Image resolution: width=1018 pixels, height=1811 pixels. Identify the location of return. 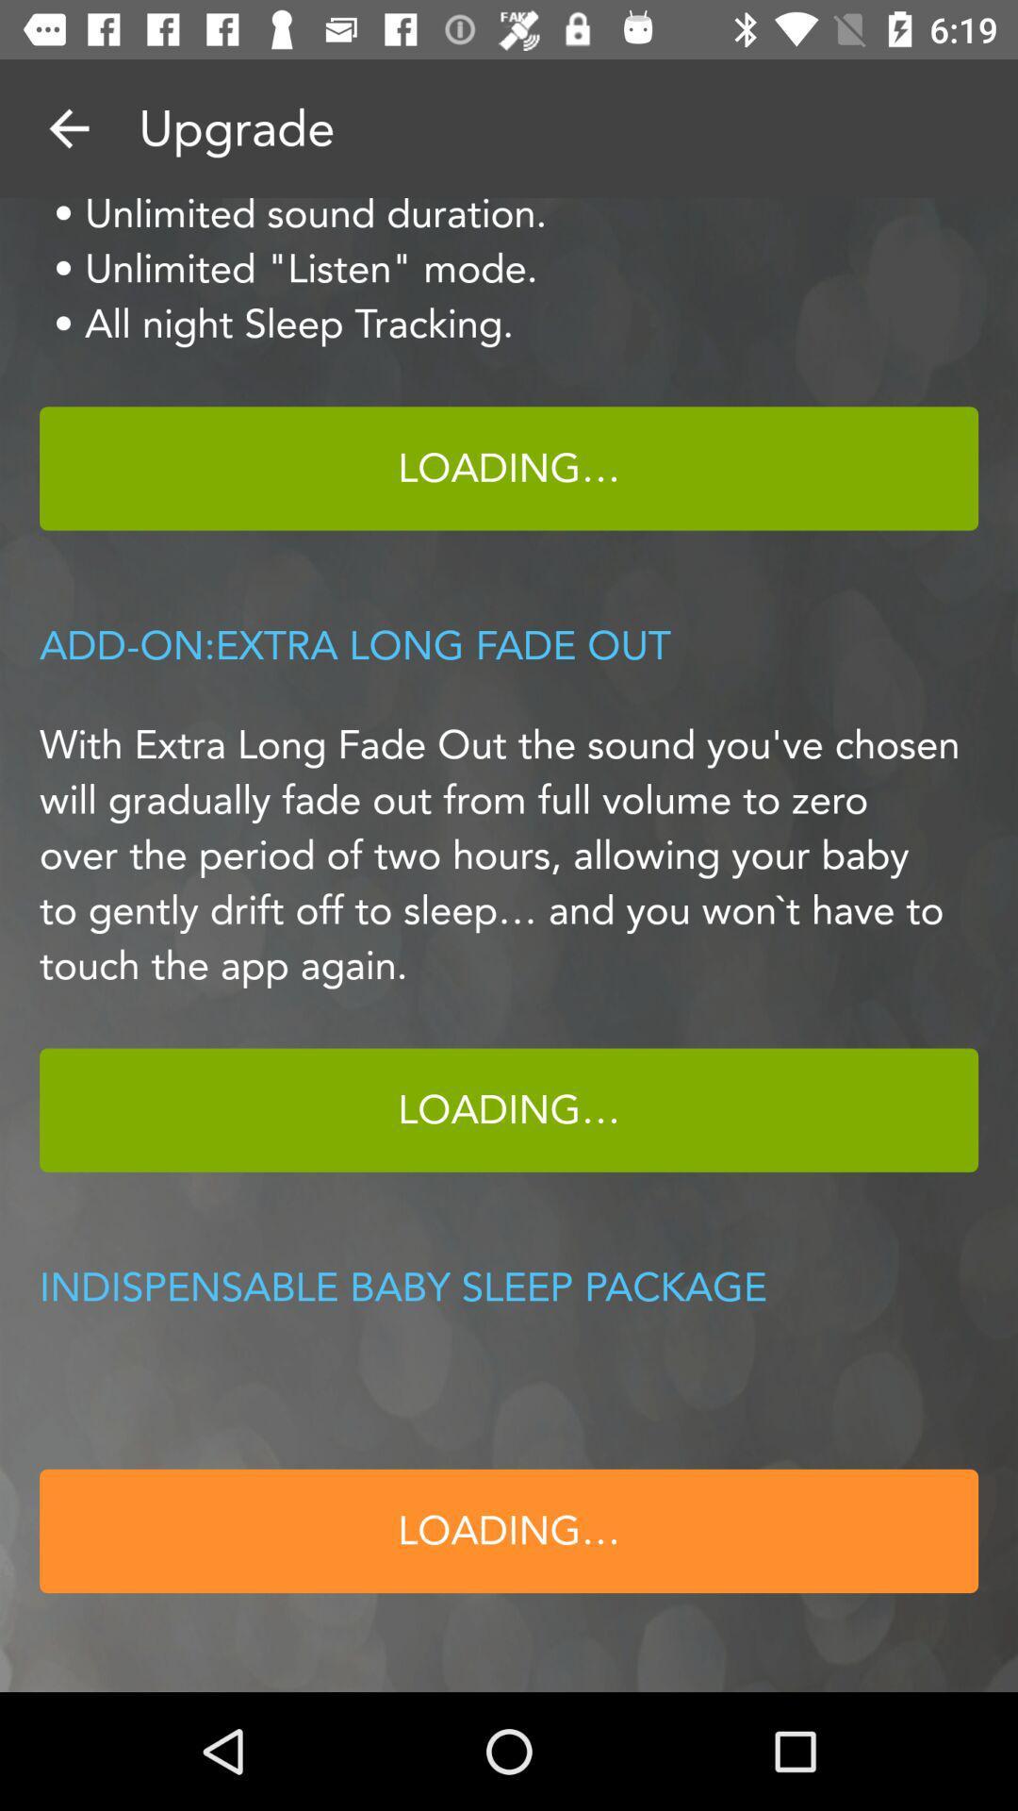
(68, 127).